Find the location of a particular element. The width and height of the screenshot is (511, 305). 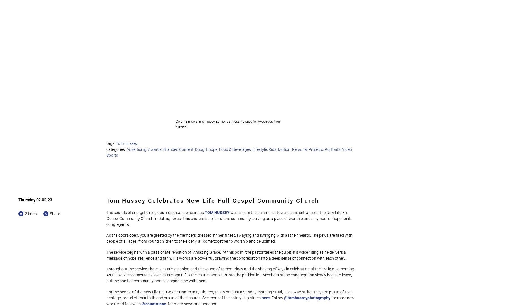

'Share' is located at coordinates (55, 213).